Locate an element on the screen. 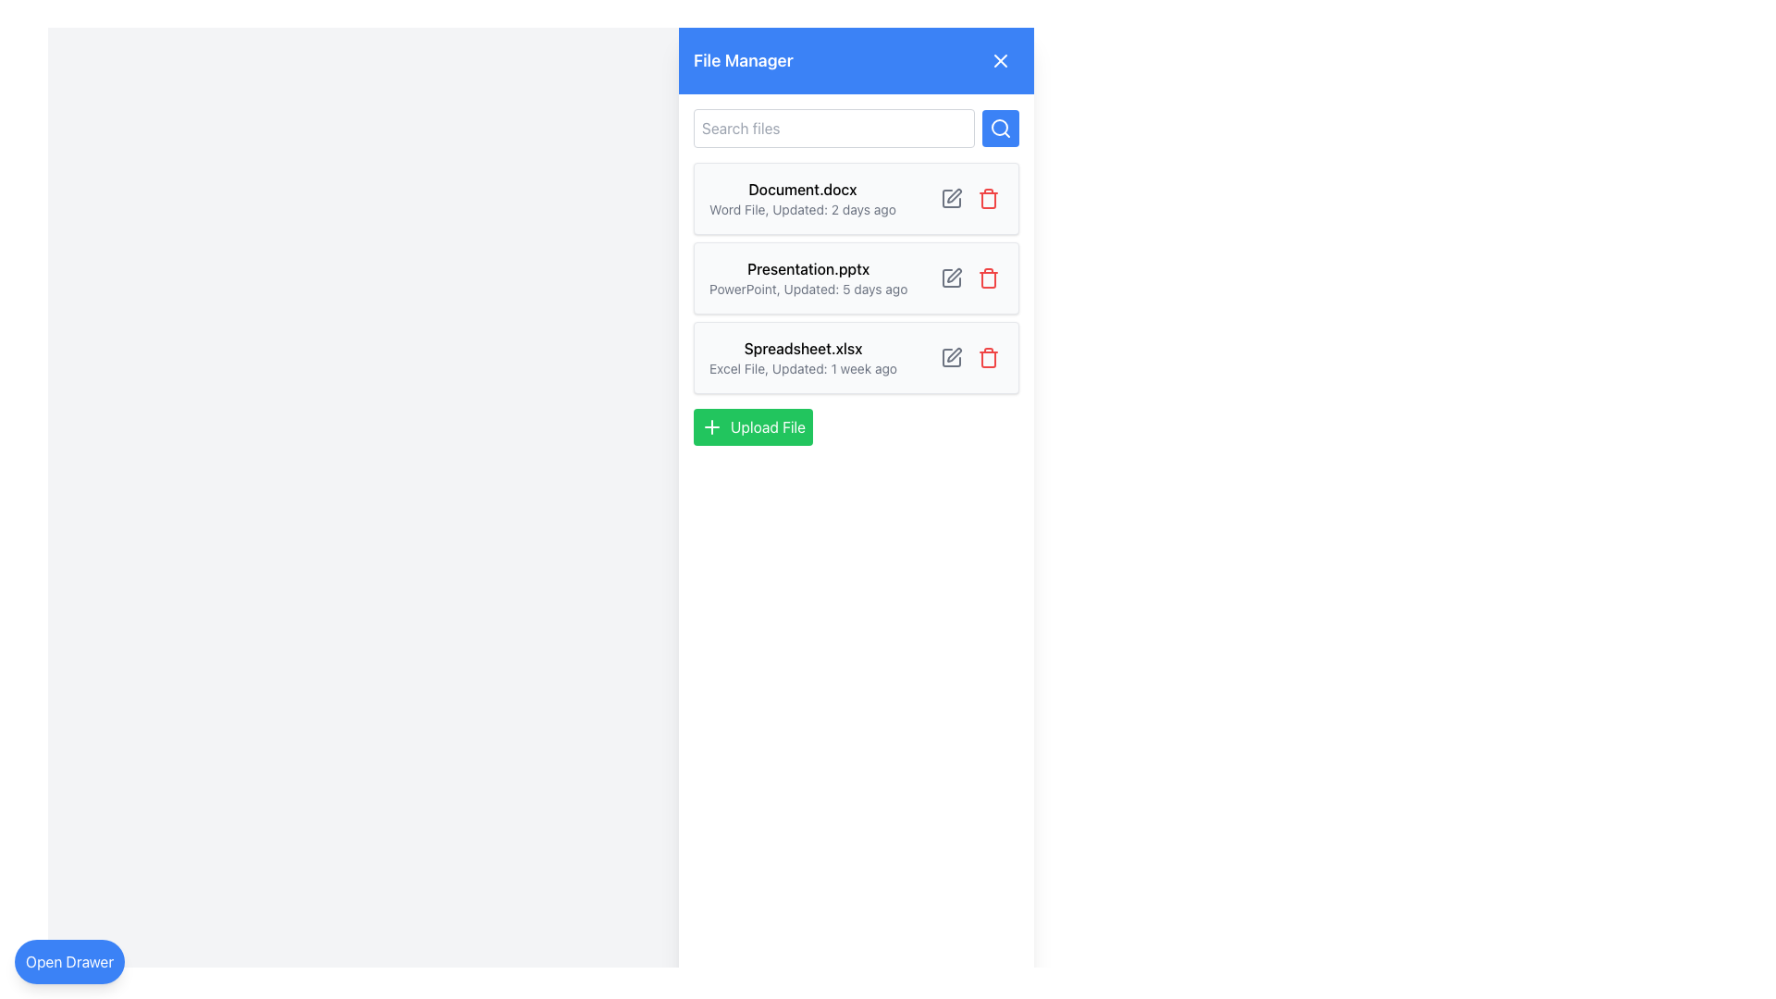  the icon button resembling a pen or pencil sketching a line, located in the second row of the document list is located at coordinates (955, 275).